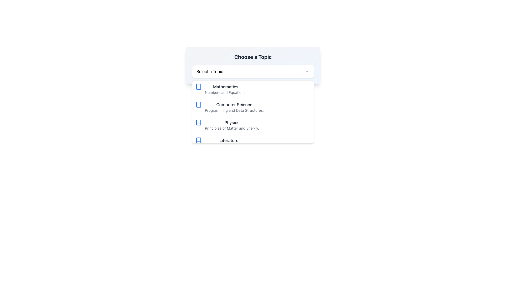 The height and width of the screenshot is (284, 505). I want to click on the list item labeled 'Physics' with the subtext 'Principles of Matter and Energy', so click(253, 125).